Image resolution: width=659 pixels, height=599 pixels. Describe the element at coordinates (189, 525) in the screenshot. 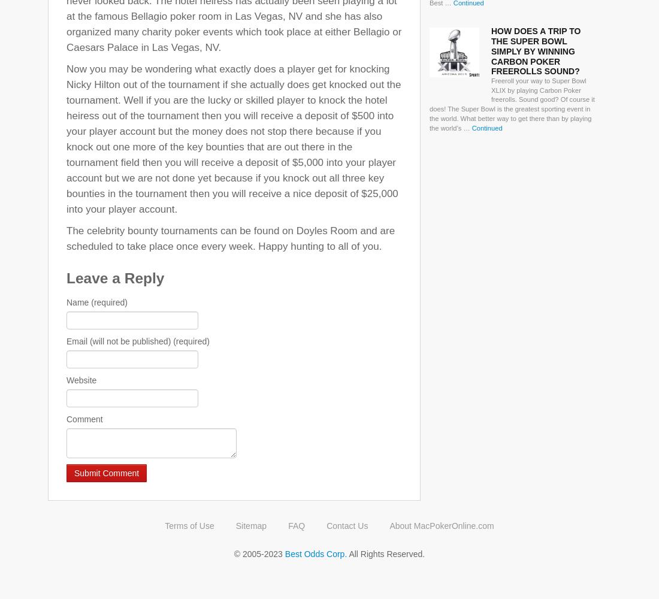

I see `'Terms of Use'` at that location.